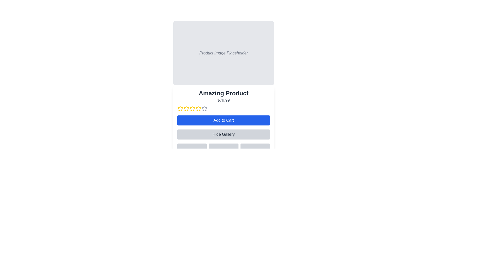 The height and width of the screenshot is (271, 483). I want to click on the yellow star icon, which is the first in a series of five stars, located below the product details text 'Amazing Product $79.99', so click(180, 108).